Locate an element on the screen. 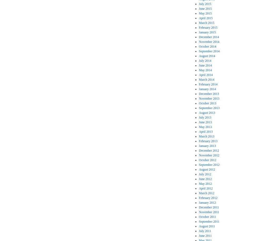 The image size is (258, 241). 'October 2013' is located at coordinates (207, 103).